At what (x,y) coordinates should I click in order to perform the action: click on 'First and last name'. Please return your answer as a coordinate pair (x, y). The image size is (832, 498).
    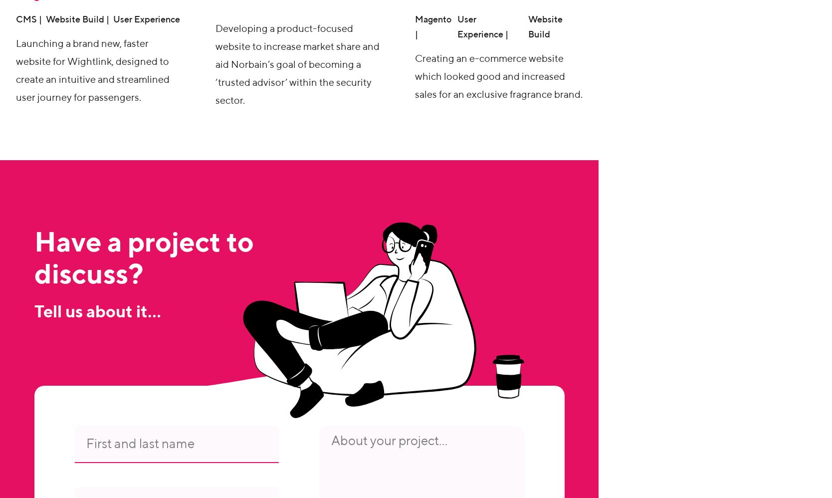
    Looking at the image, I should click on (140, 444).